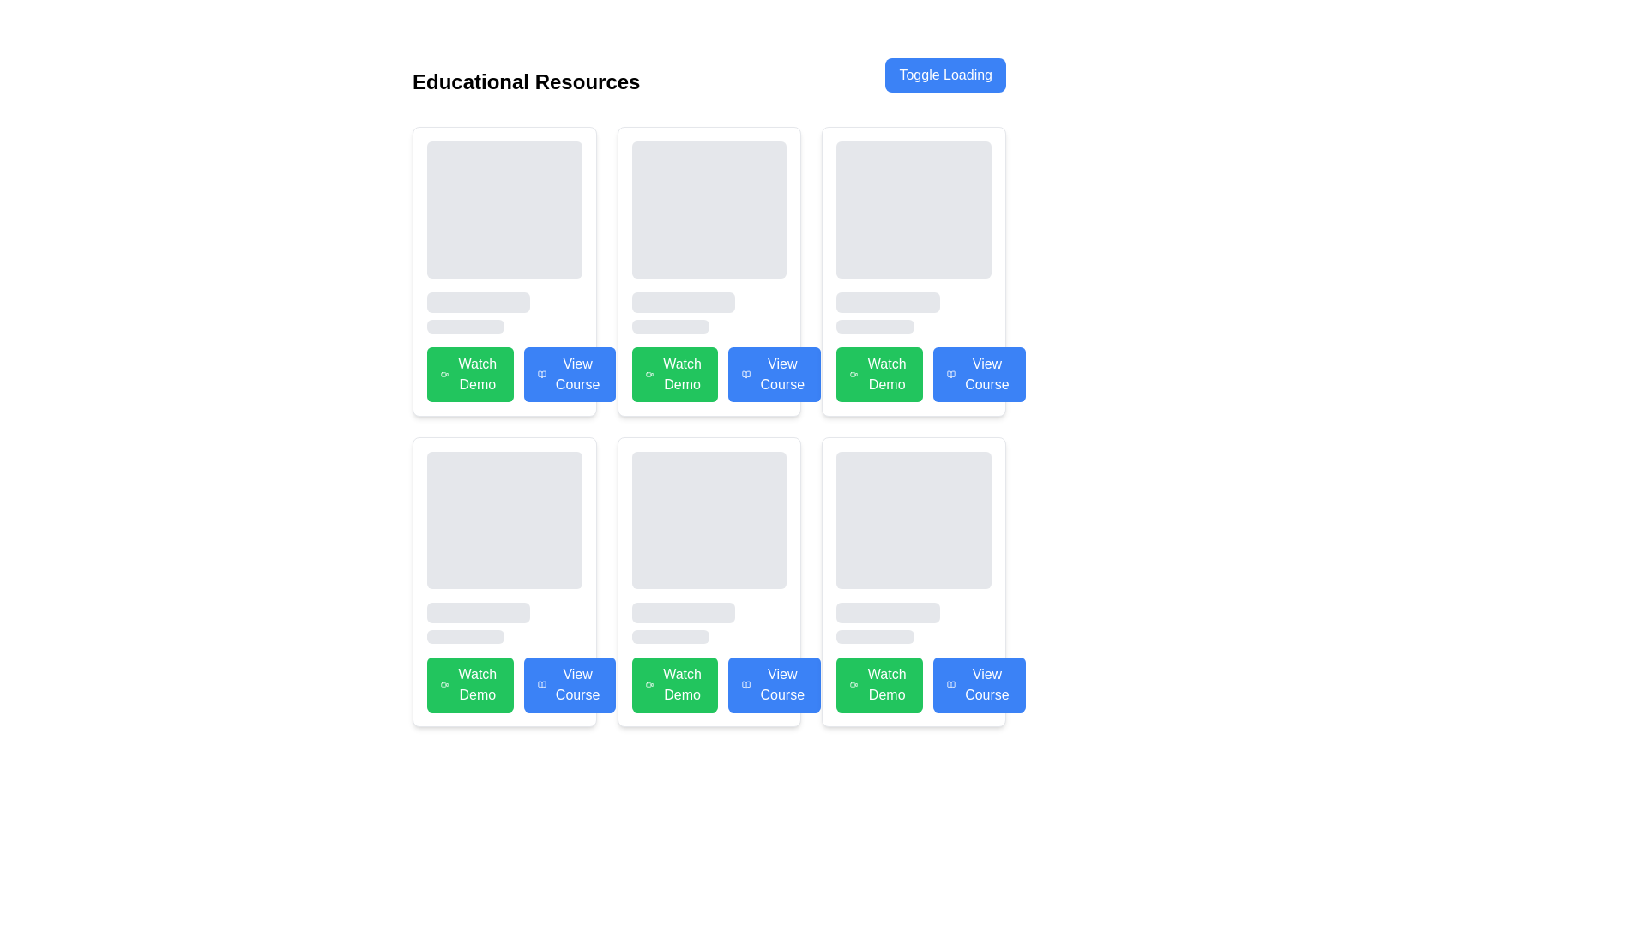 The image size is (1647, 926). I want to click on the video camera icon located on the left side of the green button labeled 'Watch Demo' in the third card of the top row of the cards grid, so click(854, 373).